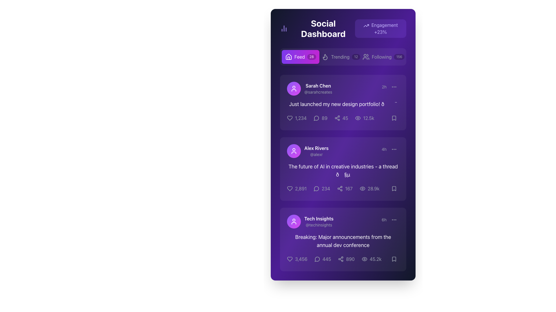 The height and width of the screenshot is (312, 556). What do you see at coordinates (394, 188) in the screenshot?
I see `the square button with a bookmark icon located at the bottom-right corner of a card in the second row of the feed` at bounding box center [394, 188].